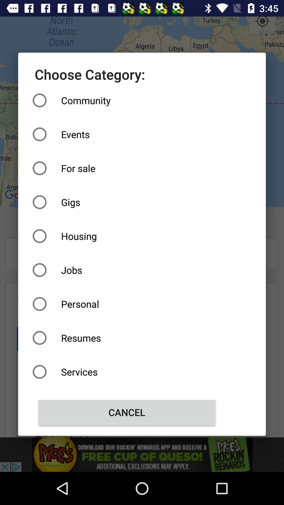 The image size is (284, 505). Describe the element at coordinates (127, 100) in the screenshot. I see `icon above the events item` at that location.